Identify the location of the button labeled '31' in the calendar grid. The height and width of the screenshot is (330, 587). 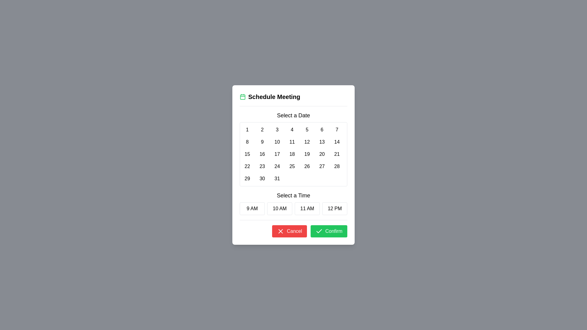
(277, 179).